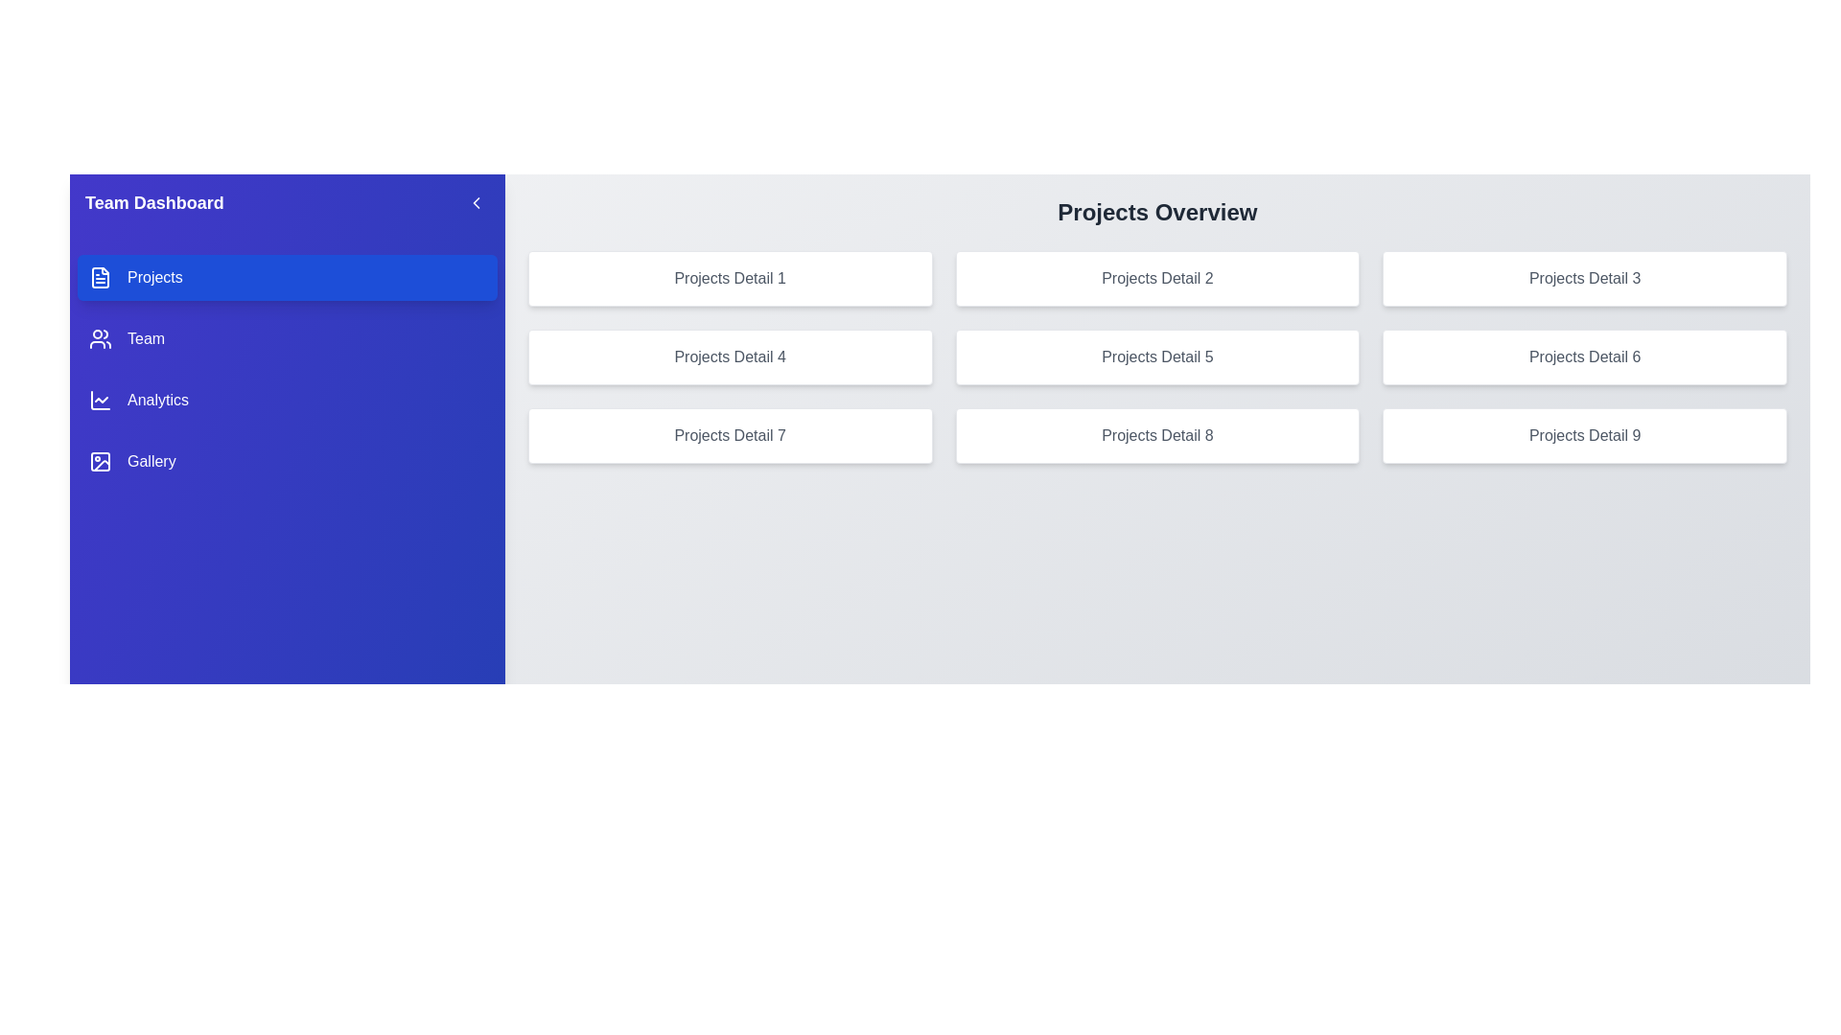  What do you see at coordinates (286, 462) in the screenshot?
I see `the category Gallery from the sidebar menu` at bounding box center [286, 462].